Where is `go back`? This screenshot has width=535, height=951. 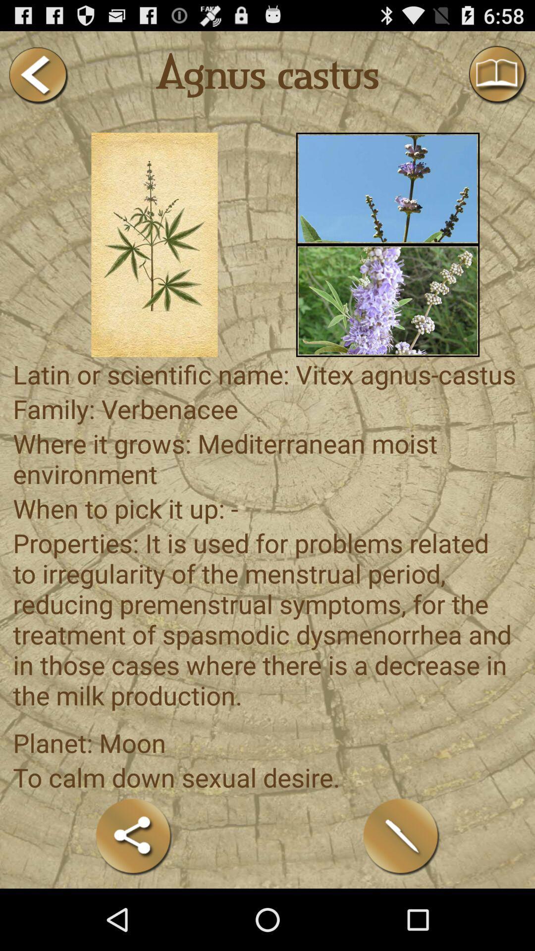
go back is located at coordinates (37, 75).